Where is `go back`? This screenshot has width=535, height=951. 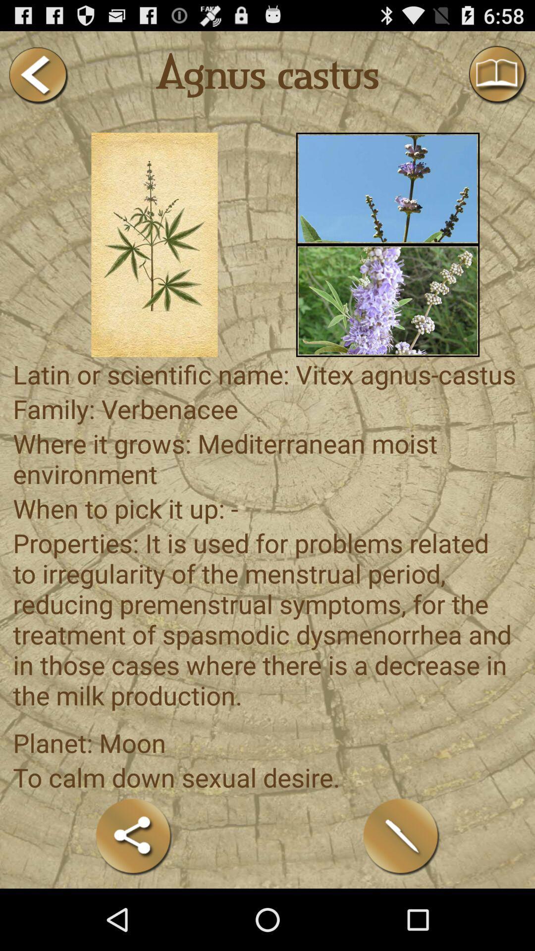
go back is located at coordinates (37, 75).